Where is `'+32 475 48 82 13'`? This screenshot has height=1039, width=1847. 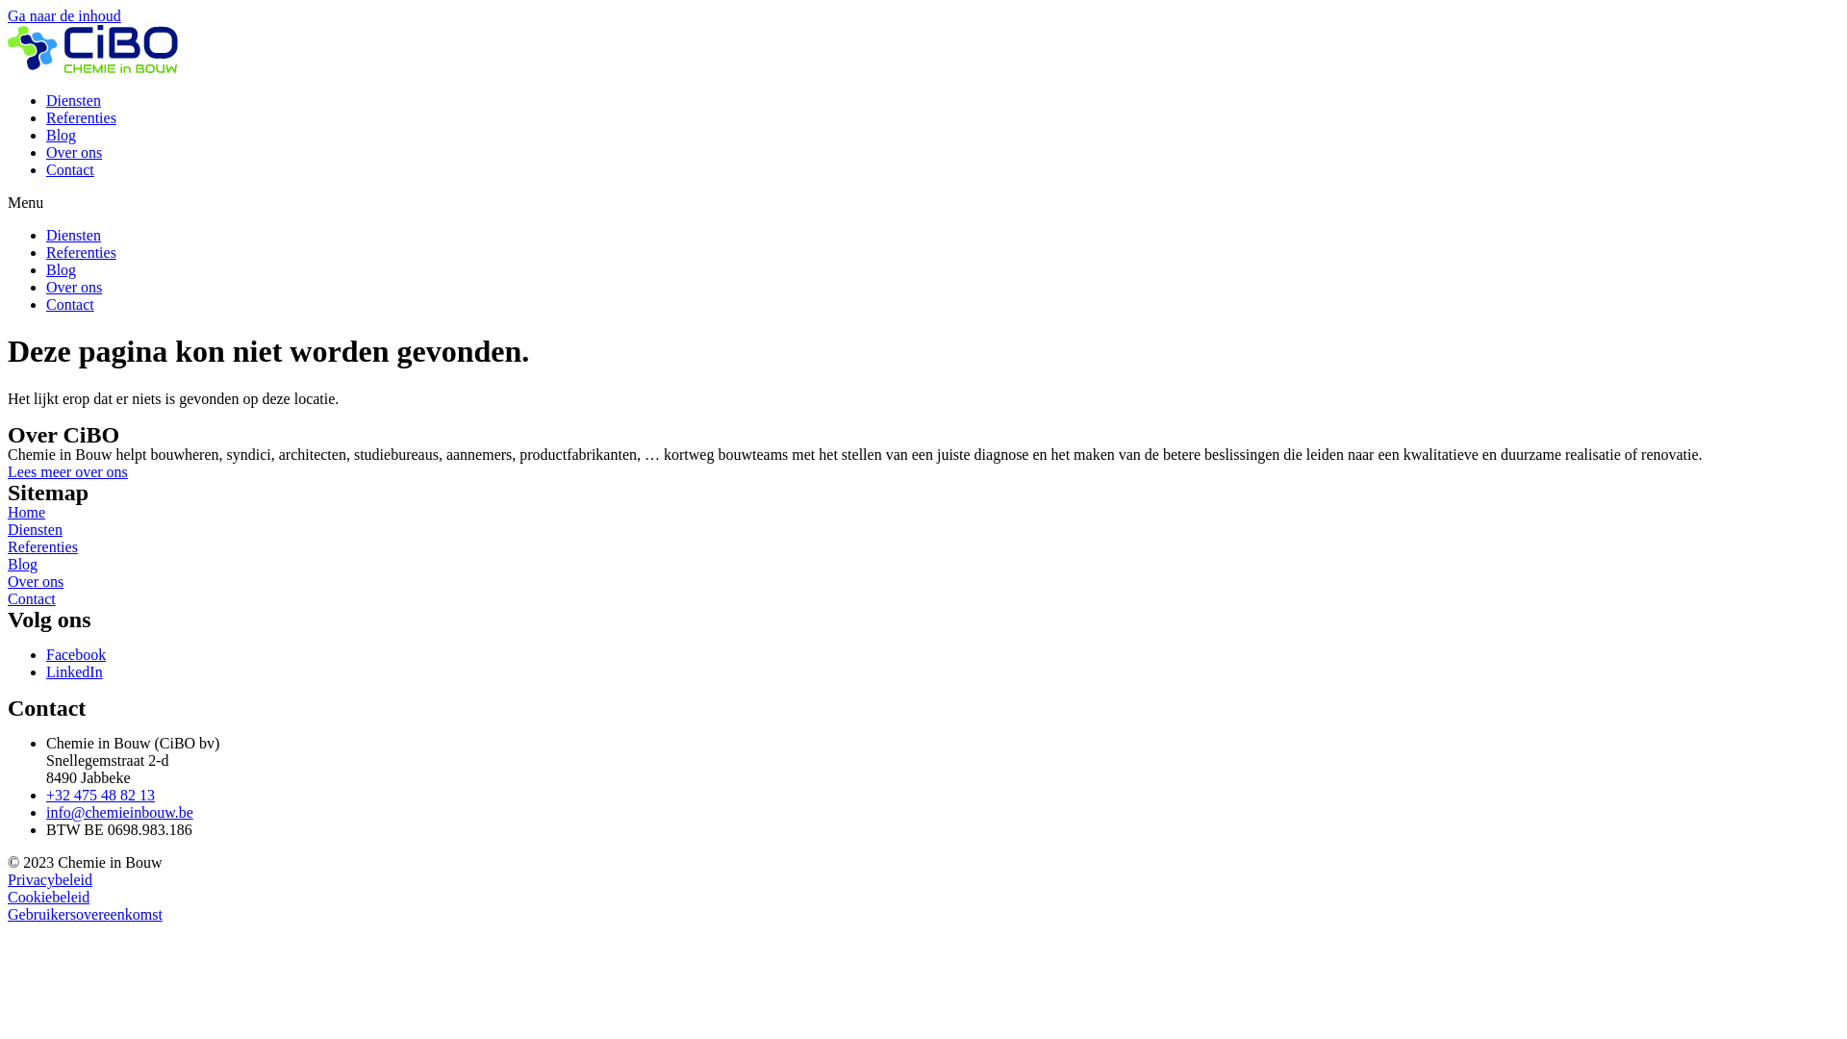 '+32 475 48 82 13' is located at coordinates (46, 795).